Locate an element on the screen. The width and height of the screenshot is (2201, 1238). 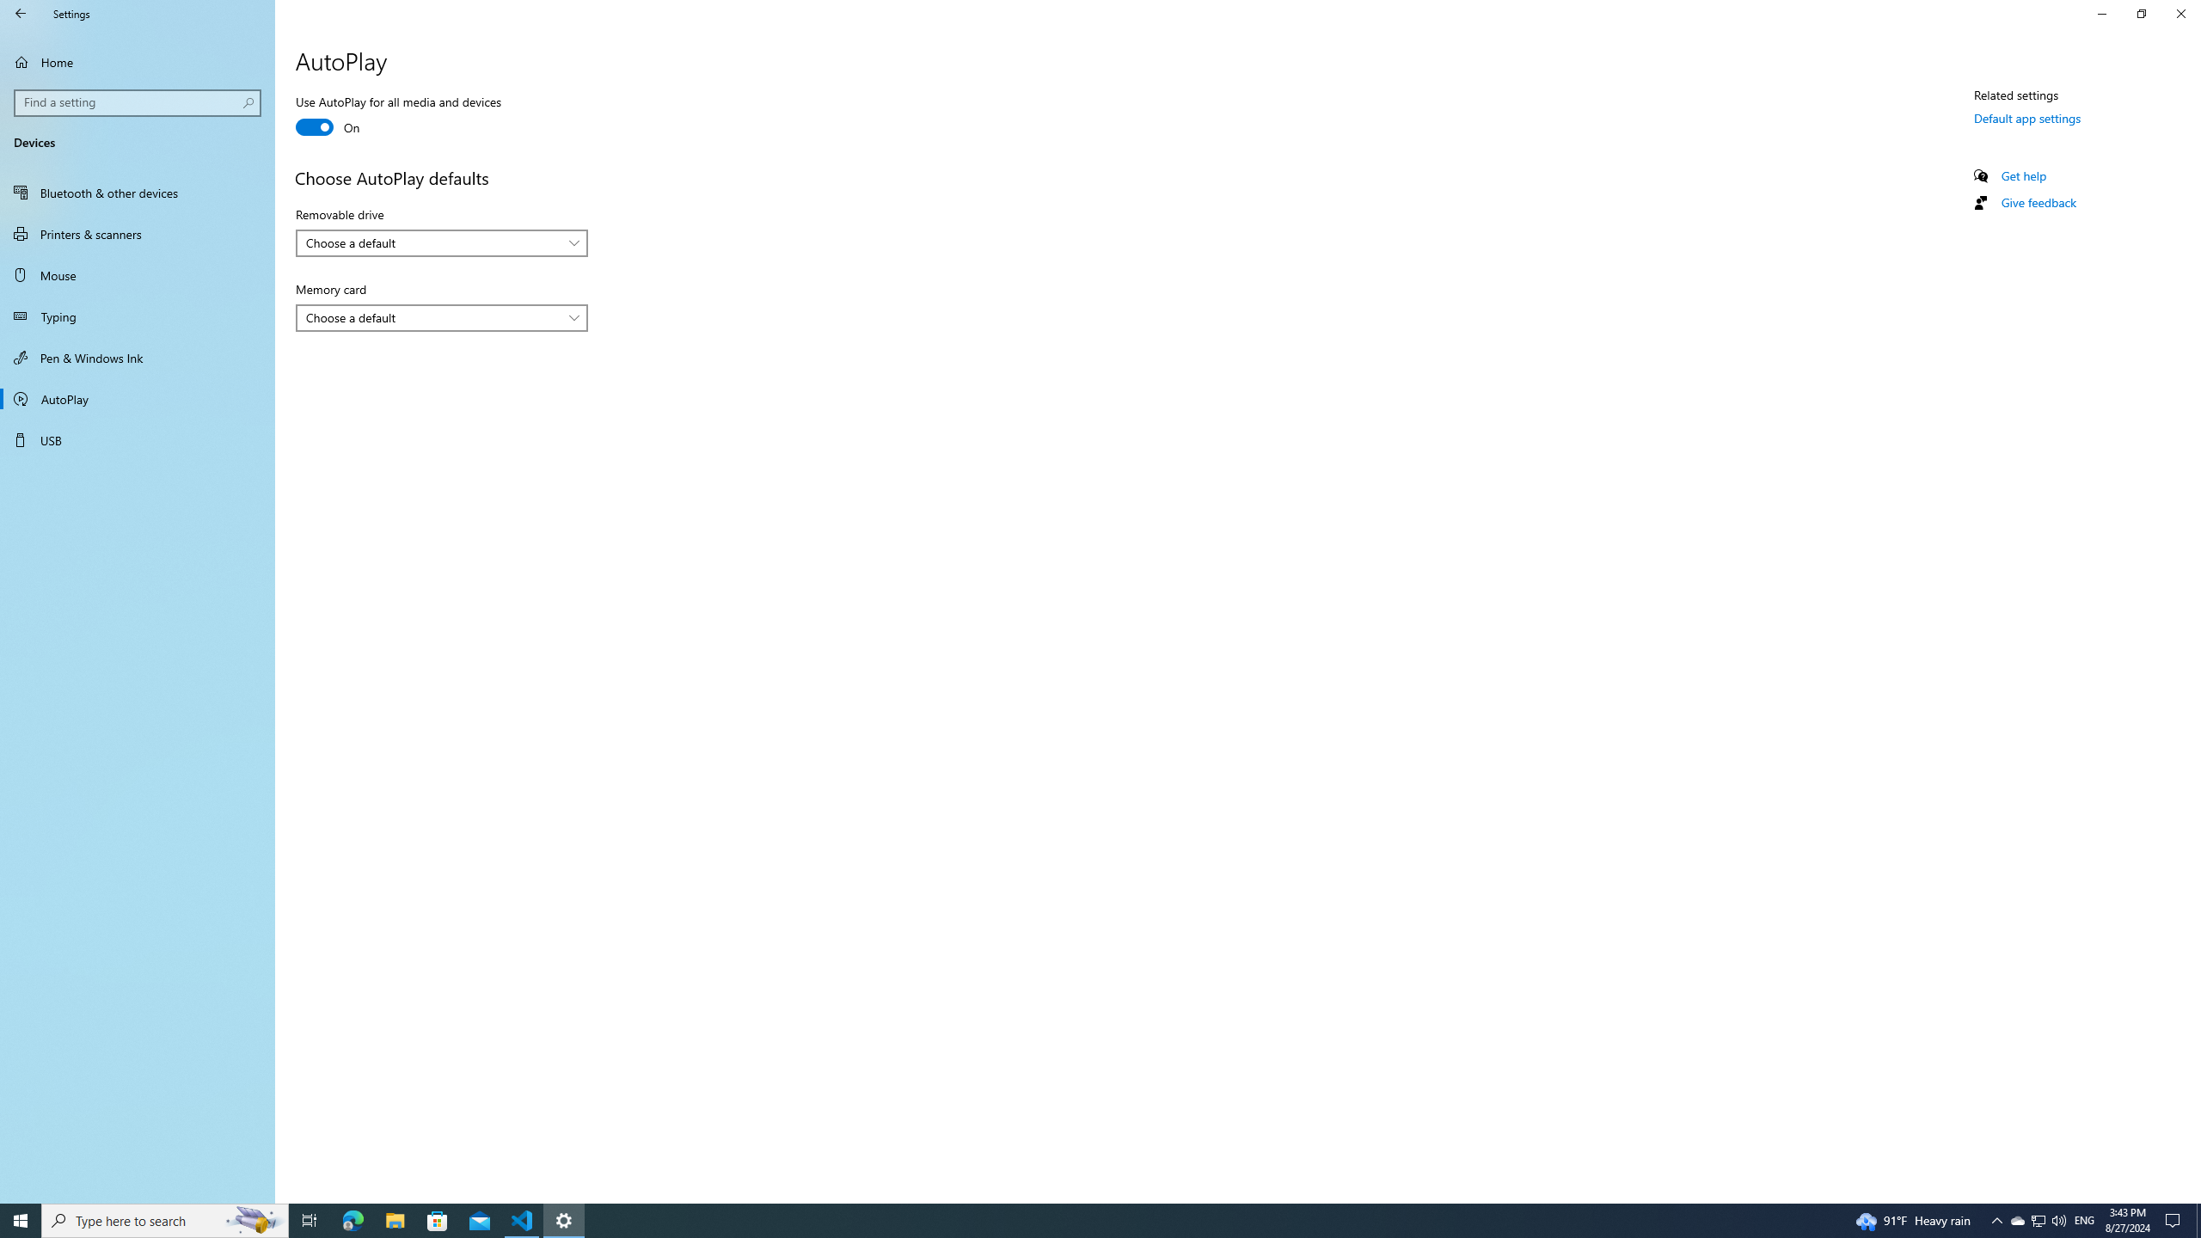
'USB' is located at coordinates (137, 438).